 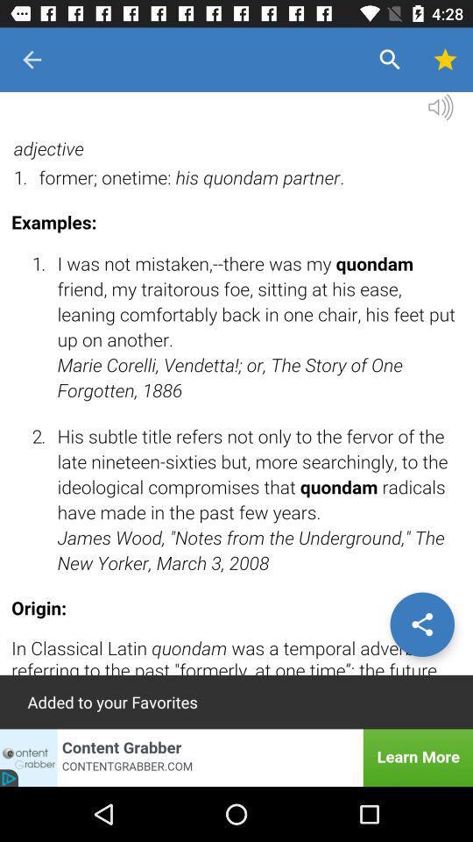 I want to click on the volume icon, so click(x=440, y=110).